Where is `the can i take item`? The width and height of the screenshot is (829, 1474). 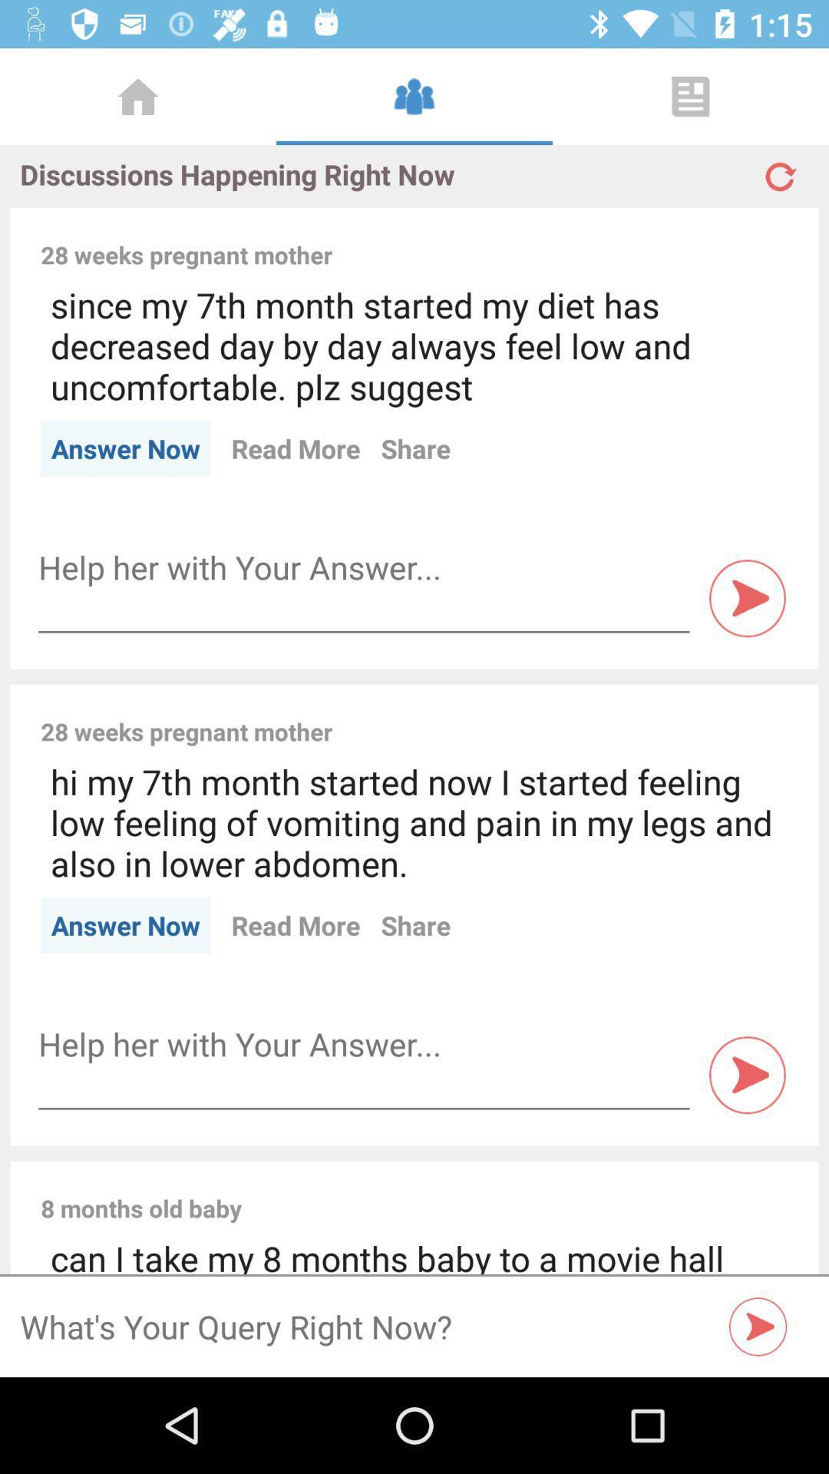 the can i take item is located at coordinates (414, 1254).